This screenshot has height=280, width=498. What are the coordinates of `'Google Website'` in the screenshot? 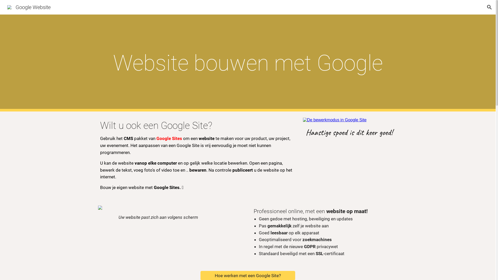 It's located at (29, 7).